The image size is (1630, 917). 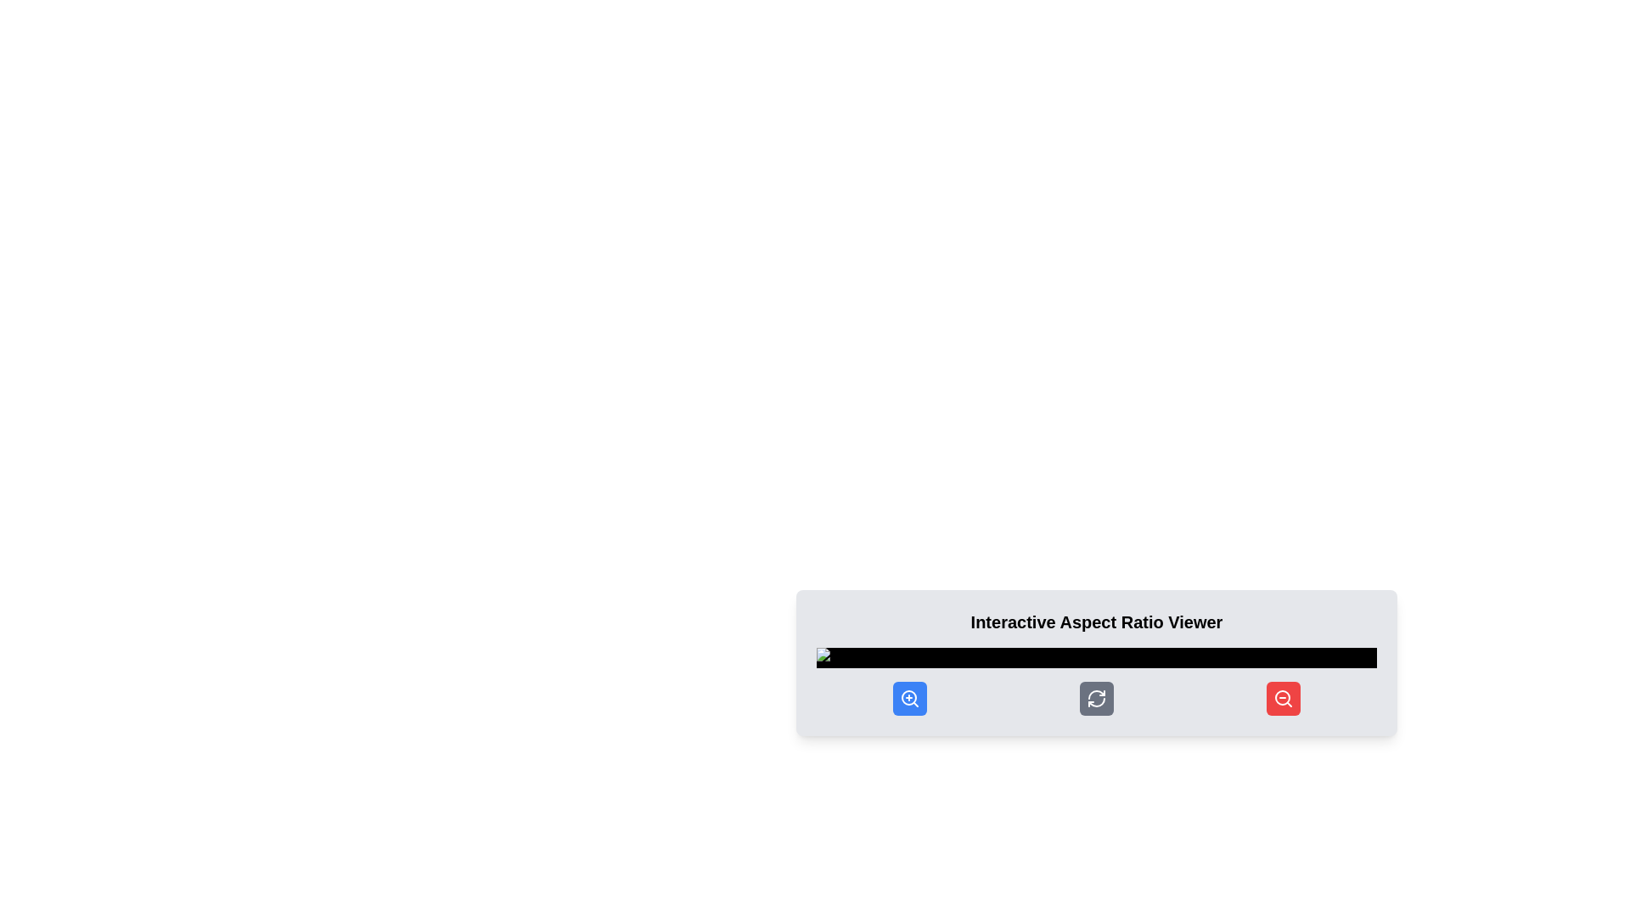 I want to click on the zoom-out icon located on the far-right side of the horizontal toolbar with a red background to reduce the view of the displayed content, so click(x=1284, y=698).